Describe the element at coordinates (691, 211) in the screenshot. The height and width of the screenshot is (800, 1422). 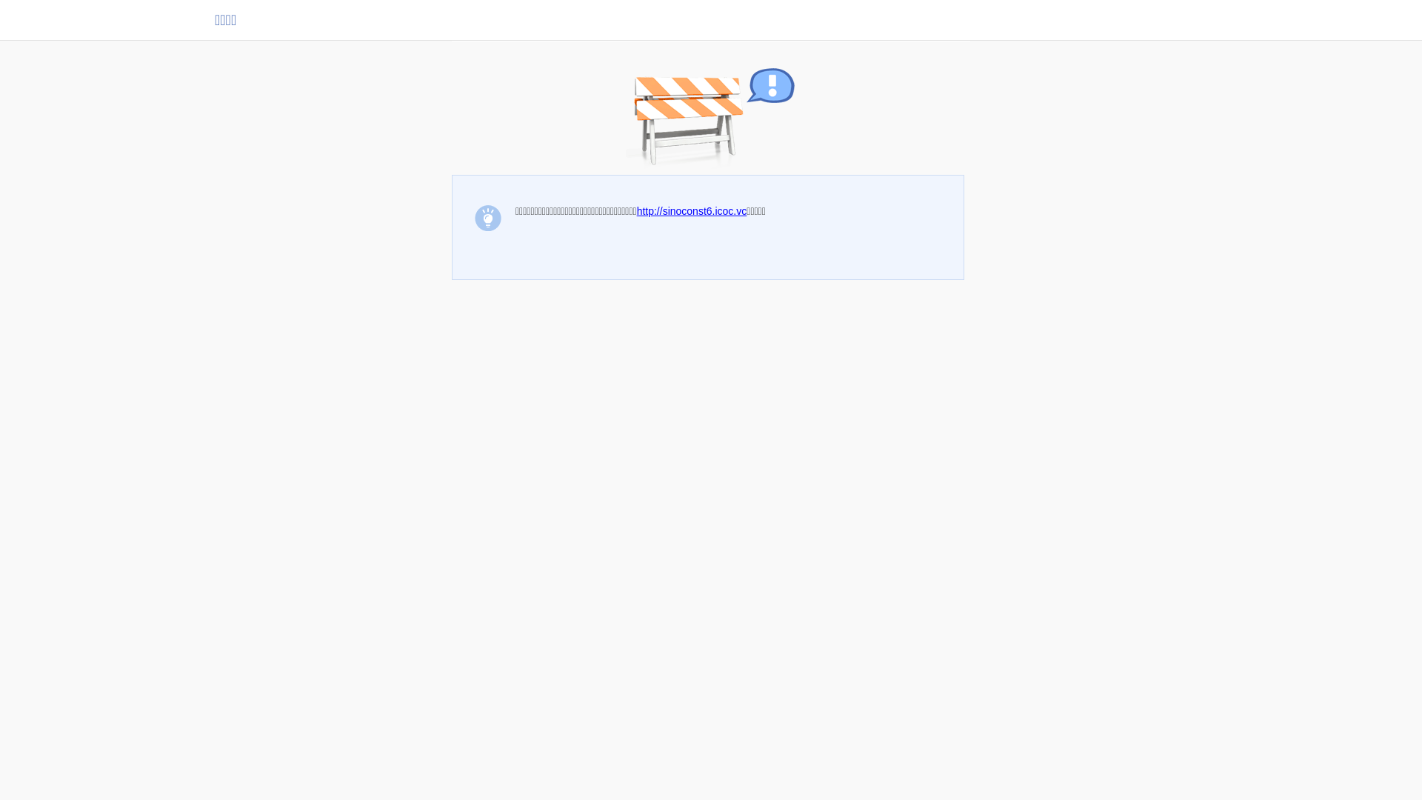
I see `'http://sinoconst6.icoc.vc'` at that location.